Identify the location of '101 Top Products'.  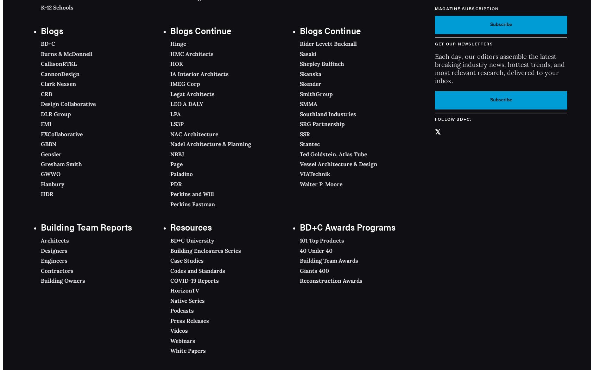
(322, 240).